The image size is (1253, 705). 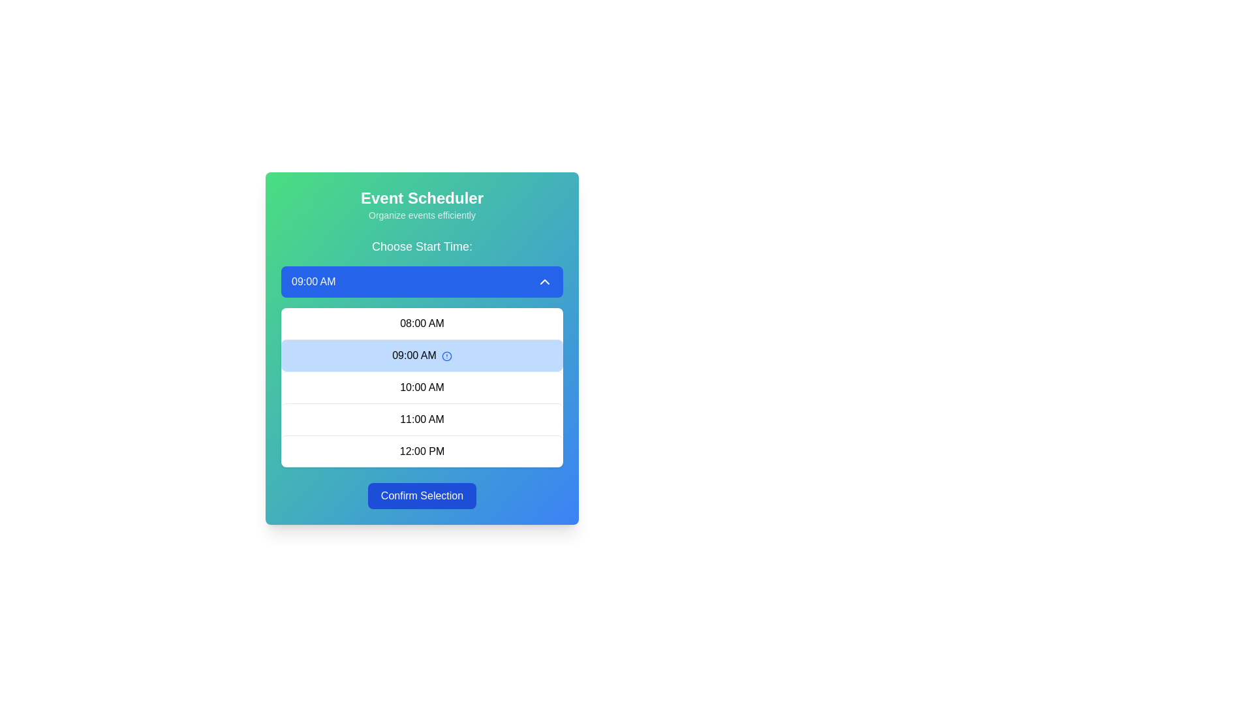 I want to click on the Dropdown Selection Button located in the 'Choose Start Time' section, so click(x=422, y=281).